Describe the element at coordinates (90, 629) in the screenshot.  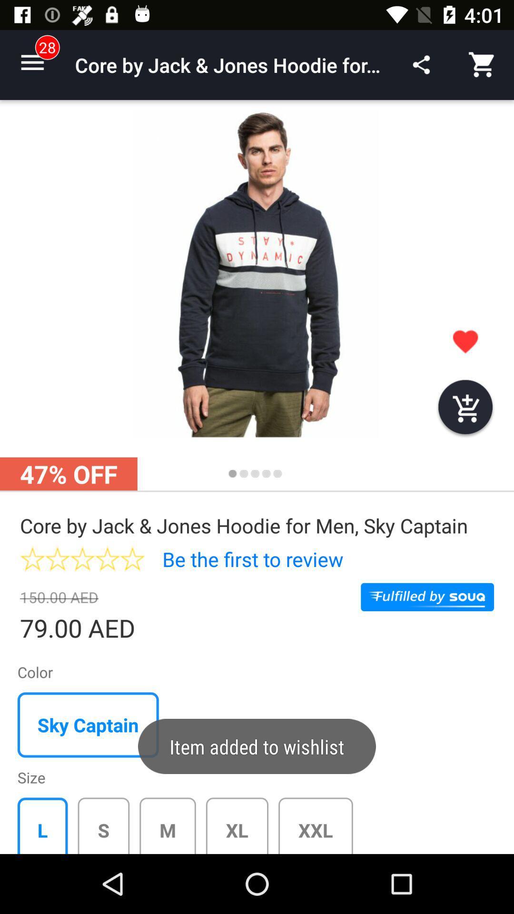
I see `the text above color` at that location.